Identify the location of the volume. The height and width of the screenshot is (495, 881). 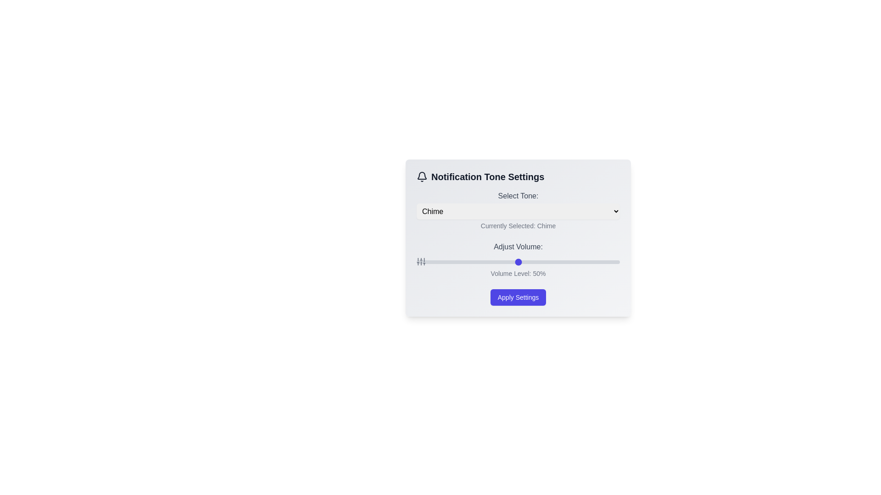
(597, 262).